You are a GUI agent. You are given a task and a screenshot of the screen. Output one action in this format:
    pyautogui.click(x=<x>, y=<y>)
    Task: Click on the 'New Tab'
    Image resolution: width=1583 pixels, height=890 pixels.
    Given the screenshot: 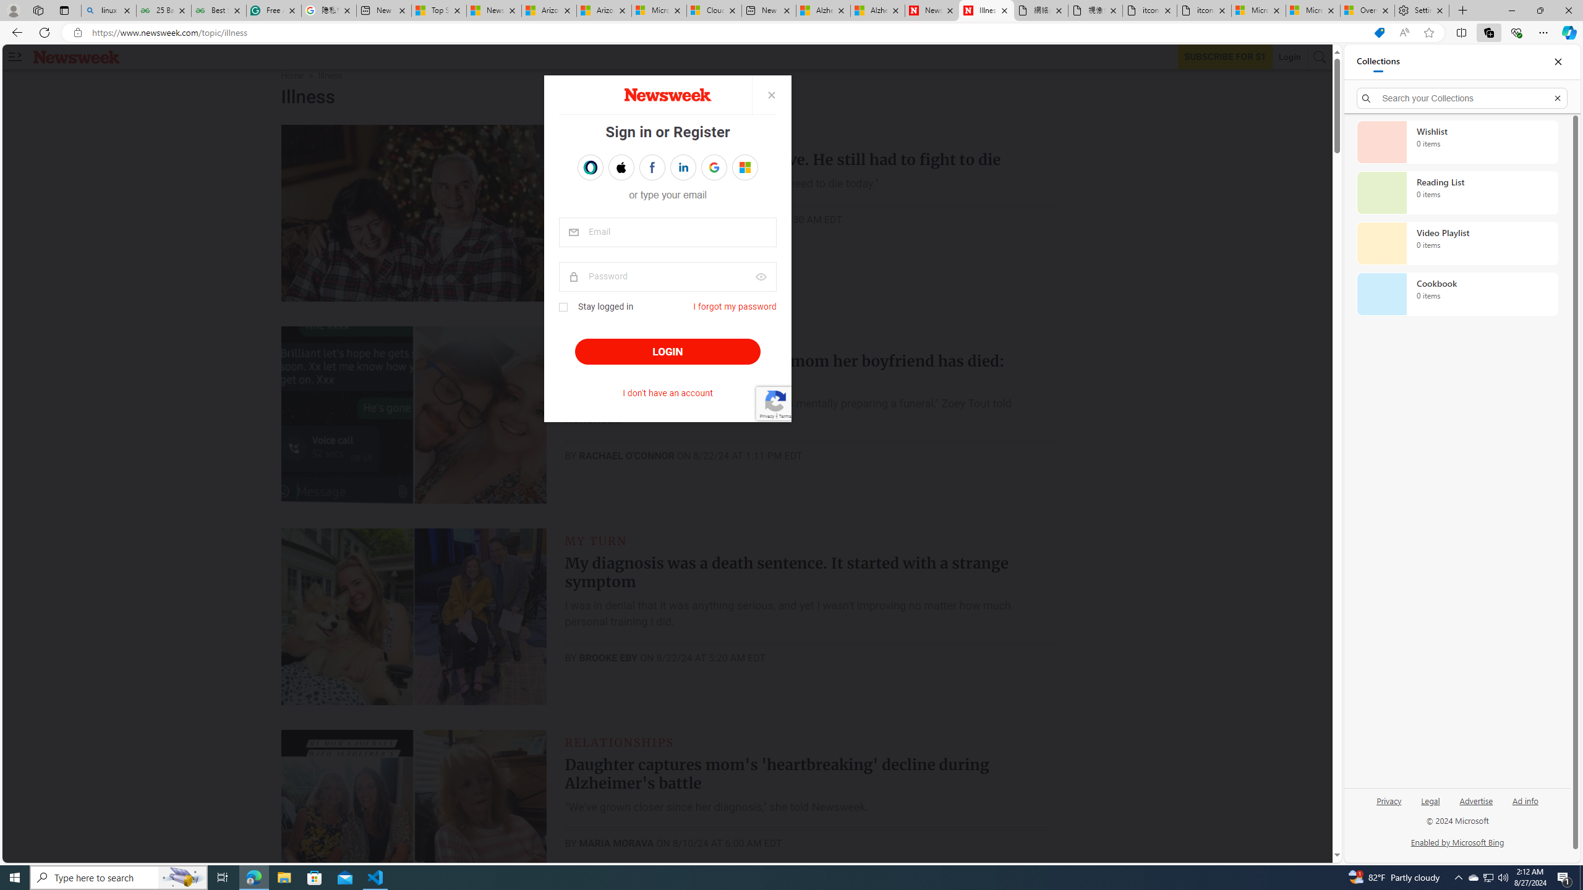 What is the action you would take?
    pyautogui.click(x=1462, y=10)
    